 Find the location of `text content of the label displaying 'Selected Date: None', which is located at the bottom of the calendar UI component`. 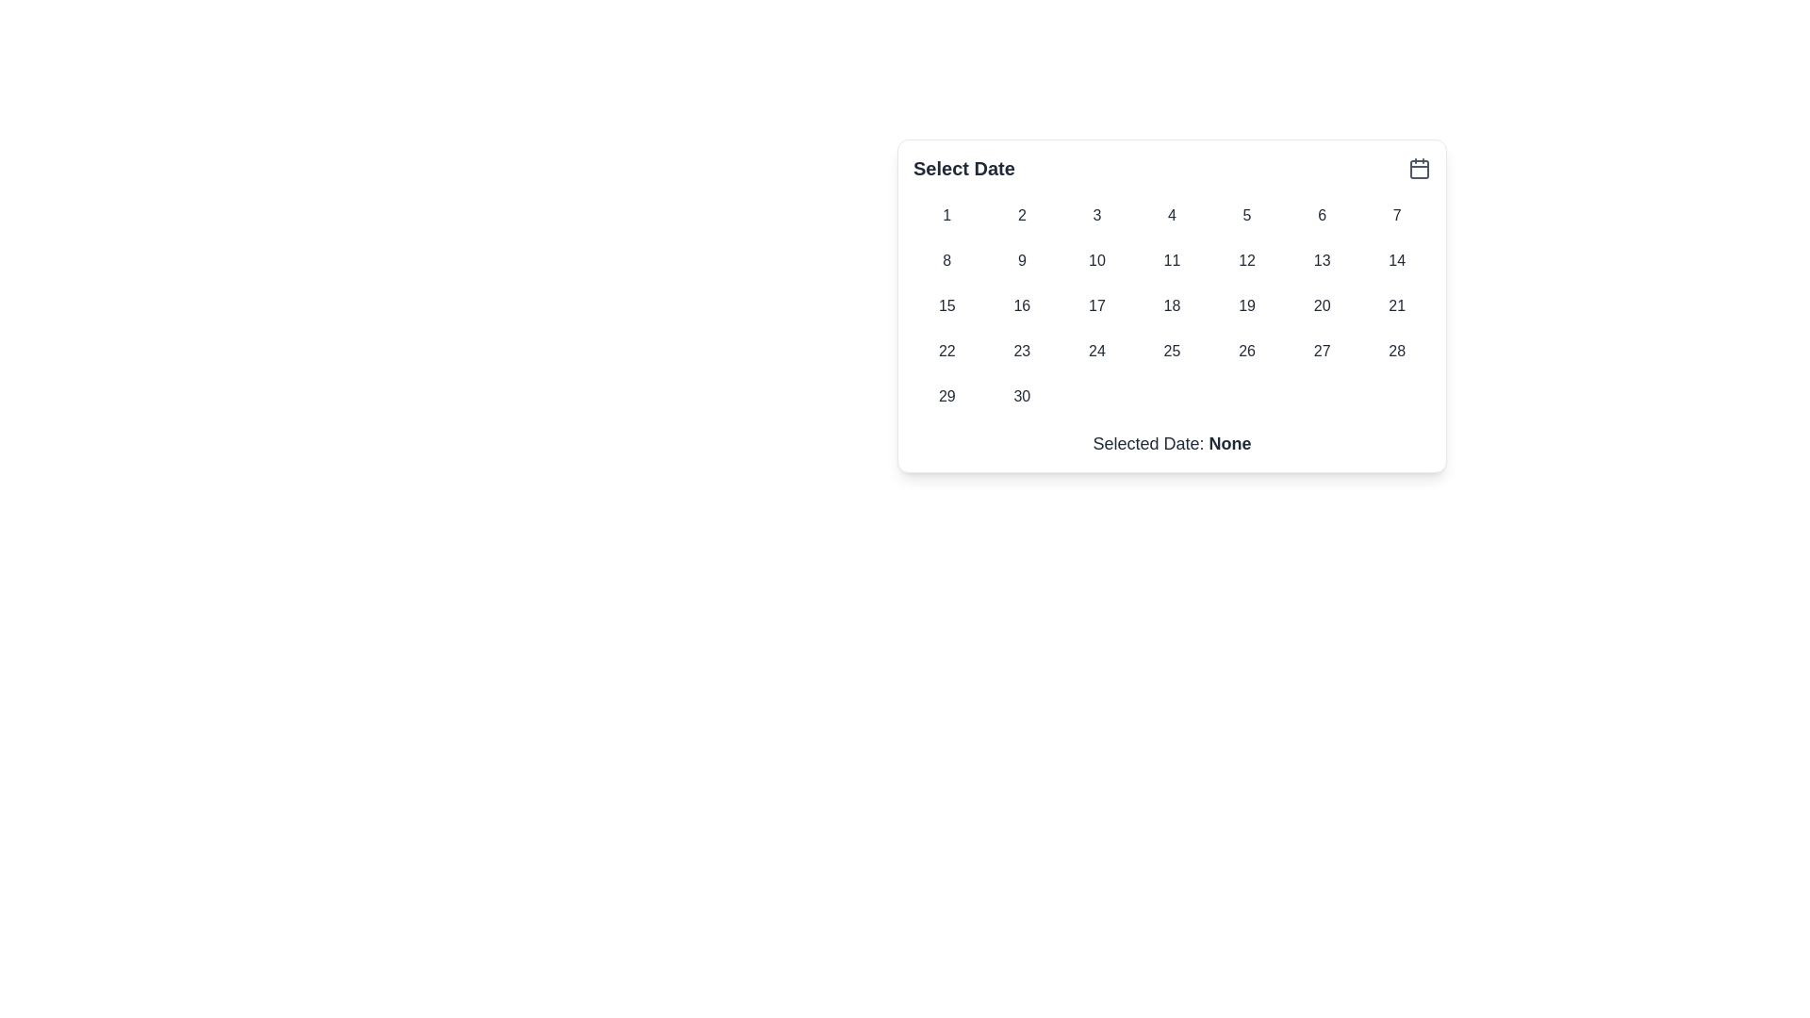

text content of the label displaying 'Selected Date: None', which is located at the bottom of the calendar UI component is located at coordinates (1171, 443).